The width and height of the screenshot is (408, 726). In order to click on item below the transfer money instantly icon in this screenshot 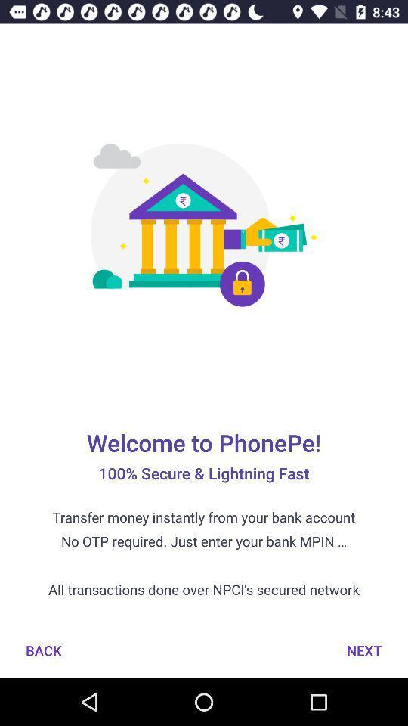, I will do `click(363, 650)`.